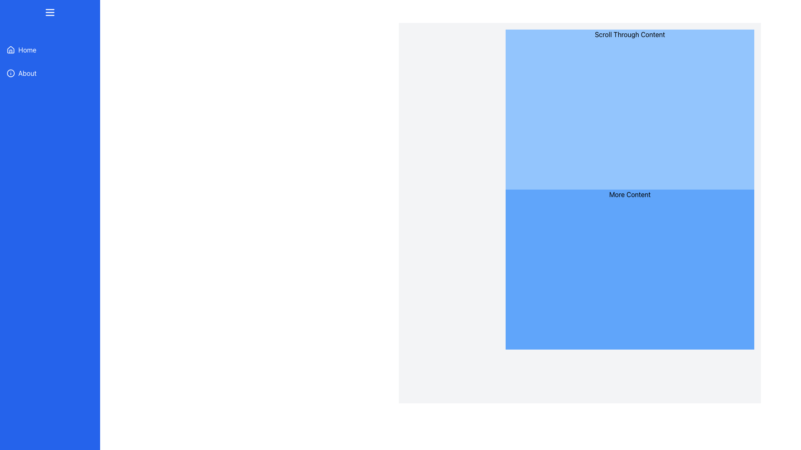  I want to click on the 'Home' icon located in the vertical navigation menu to recognize its association with the 'Home' text, so click(10, 50).